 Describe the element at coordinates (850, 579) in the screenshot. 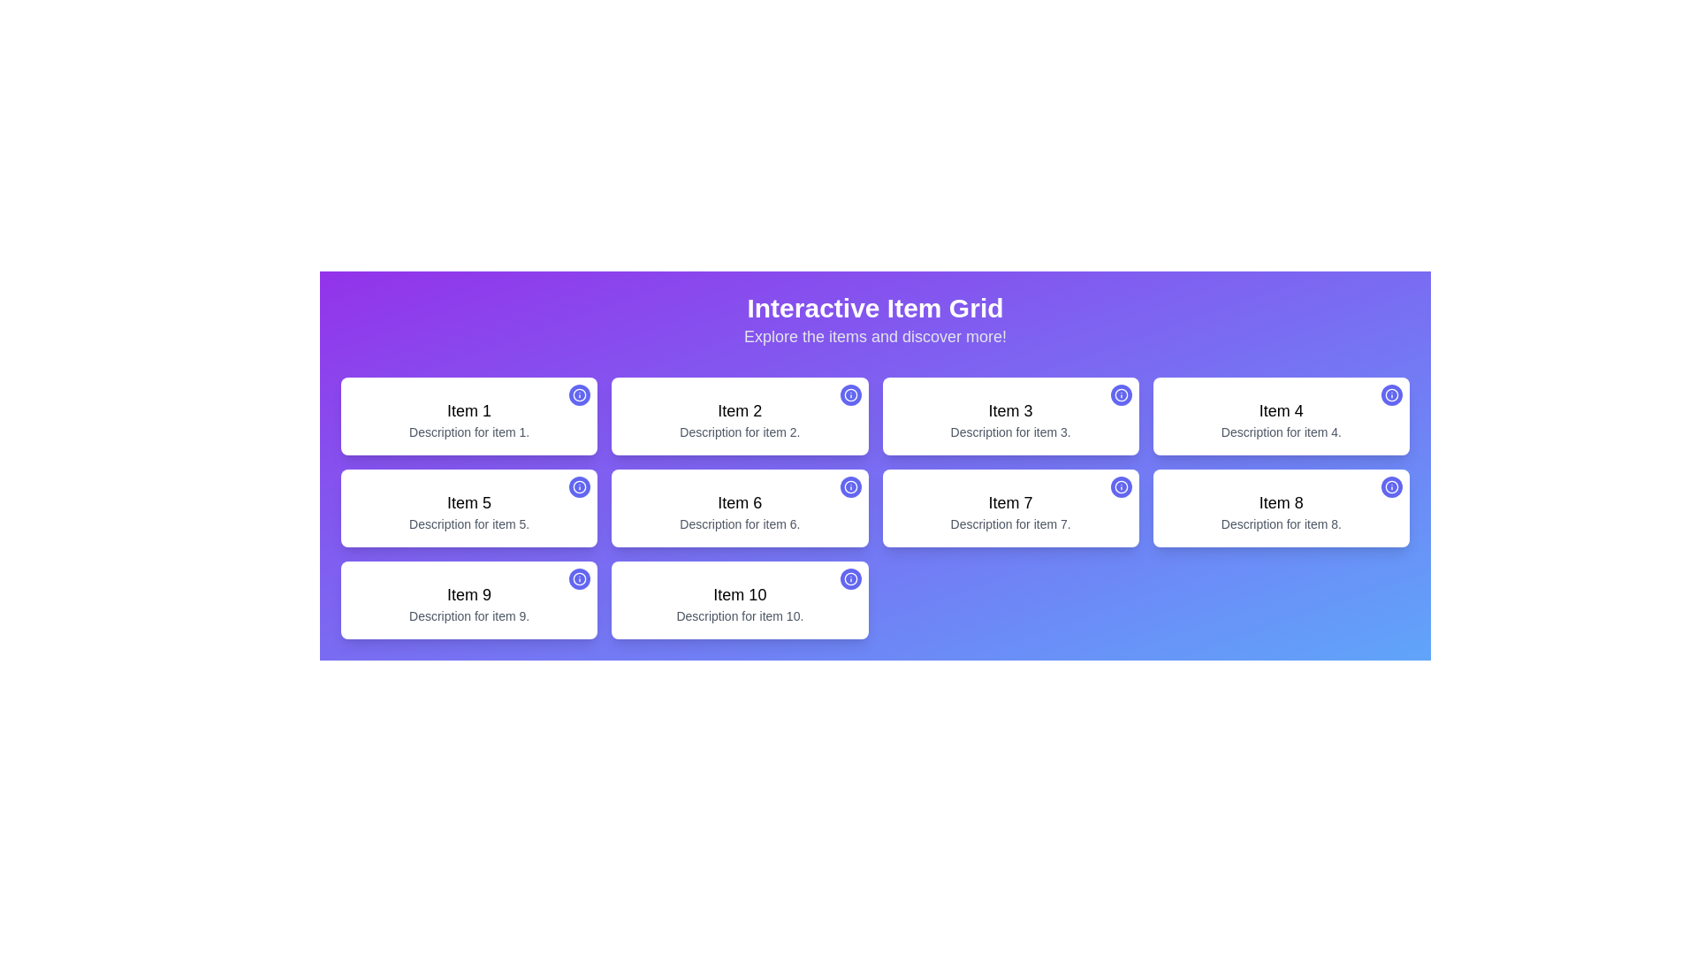

I see `the informational icon associated with 'Item 10', located on the bottom row of the interactive item grid` at that location.